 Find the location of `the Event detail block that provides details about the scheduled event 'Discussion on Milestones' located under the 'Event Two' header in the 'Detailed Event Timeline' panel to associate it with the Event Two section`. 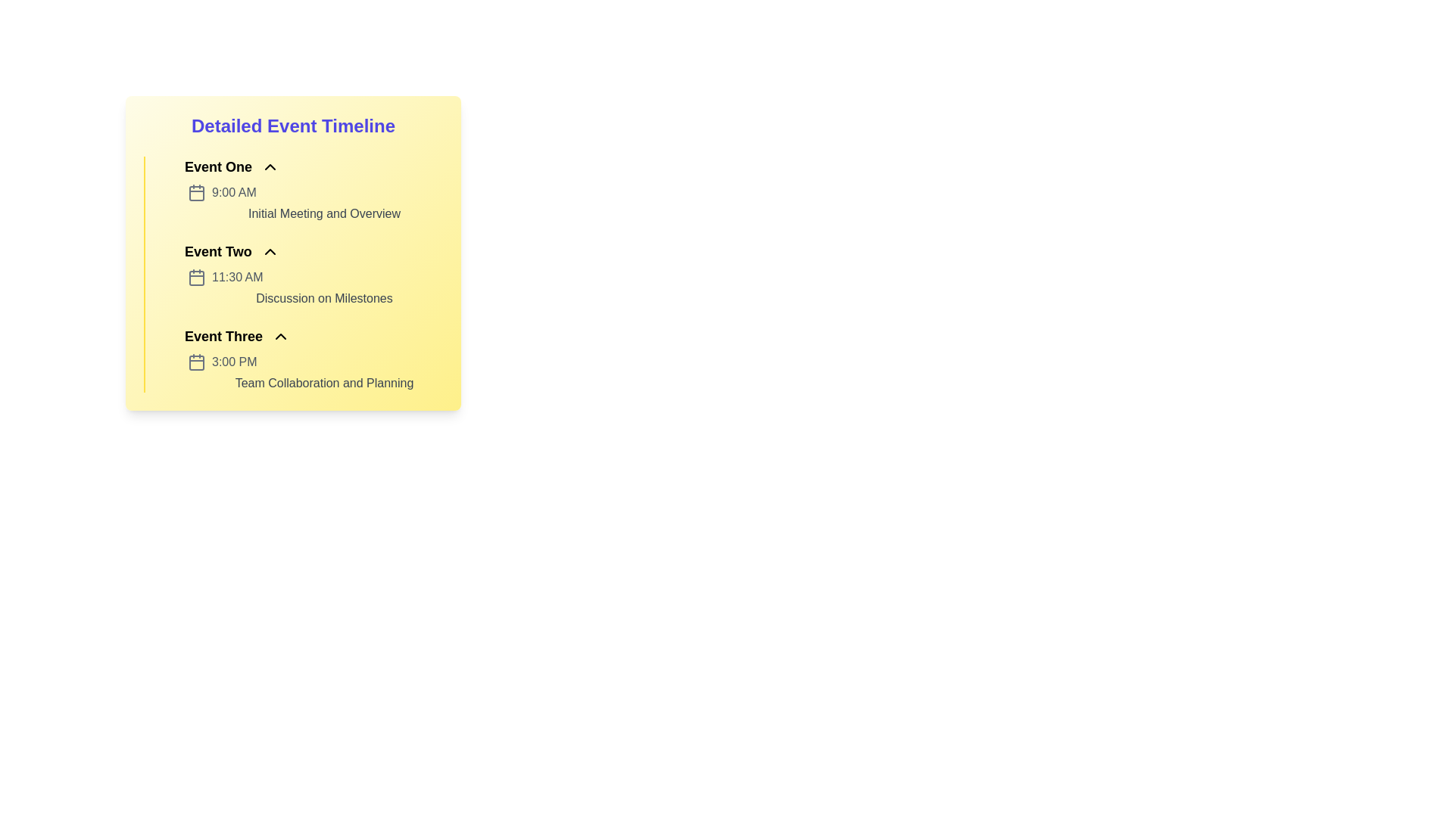

the Event detail block that provides details about the scheduled event 'Discussion on Milestones' located under the 'Event Two' header in the 'Detailed Event Timeline' panel to associate it with the Event Two section is located at coordinates (314, 288).